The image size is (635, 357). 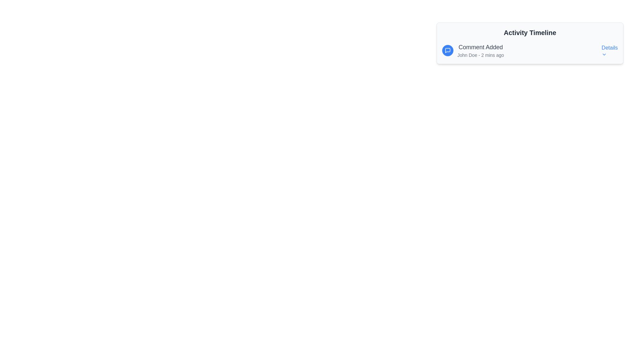 What do you see at coordinates (530, 50) in the screenshot?
I see `the 'Details' link within the second activity log entry located below the 'Activity Timeline' title for more information` at bounding box center [530, 50].